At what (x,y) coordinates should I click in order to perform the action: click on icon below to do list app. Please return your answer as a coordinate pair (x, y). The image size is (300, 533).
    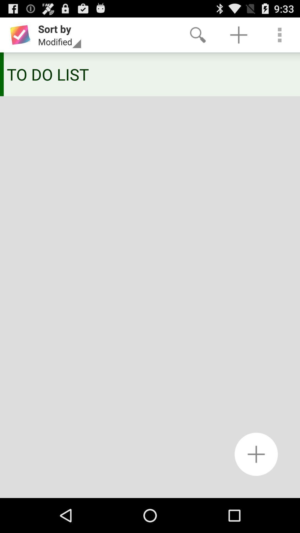
    Looking at the image, I should click on (256, 454).